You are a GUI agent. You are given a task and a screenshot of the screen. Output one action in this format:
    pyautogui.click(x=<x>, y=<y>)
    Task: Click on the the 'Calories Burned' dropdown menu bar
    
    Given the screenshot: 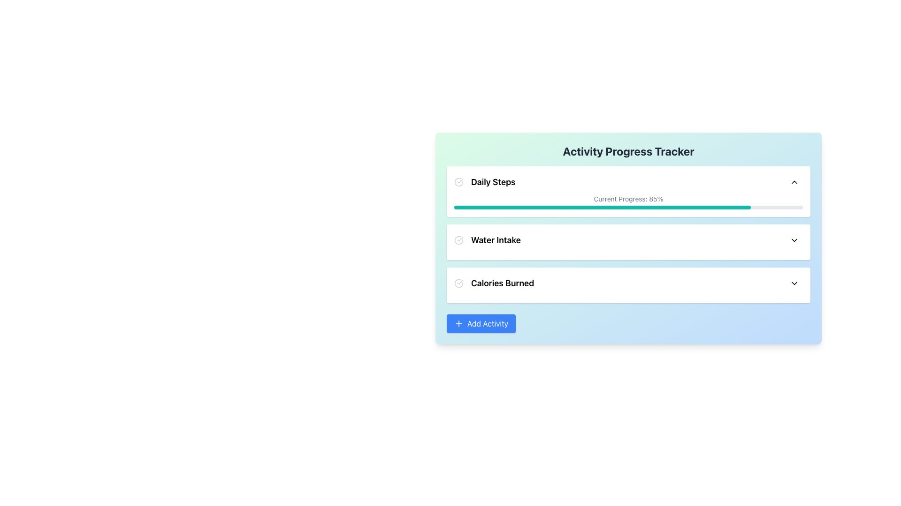 What is the action you would take?
    pyautogui.click(x=628, y=283)
    